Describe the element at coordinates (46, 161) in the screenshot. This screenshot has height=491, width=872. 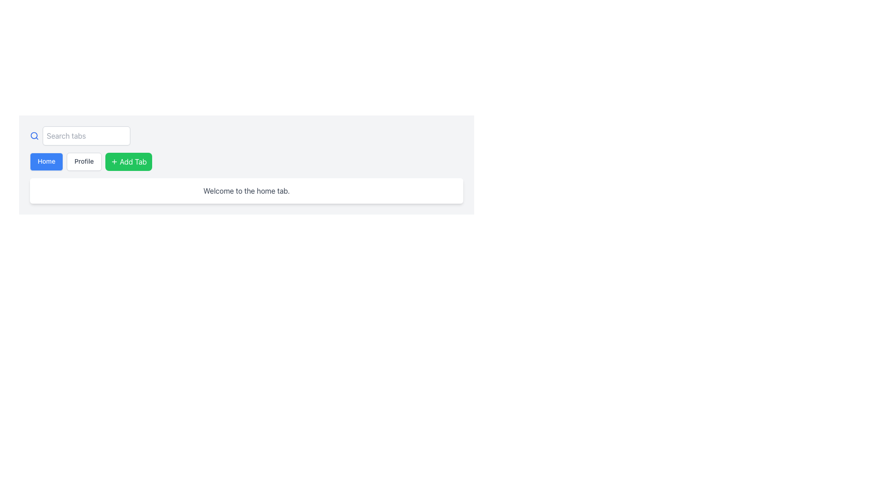
I see `the blue 'Home' button with white text` at that location.